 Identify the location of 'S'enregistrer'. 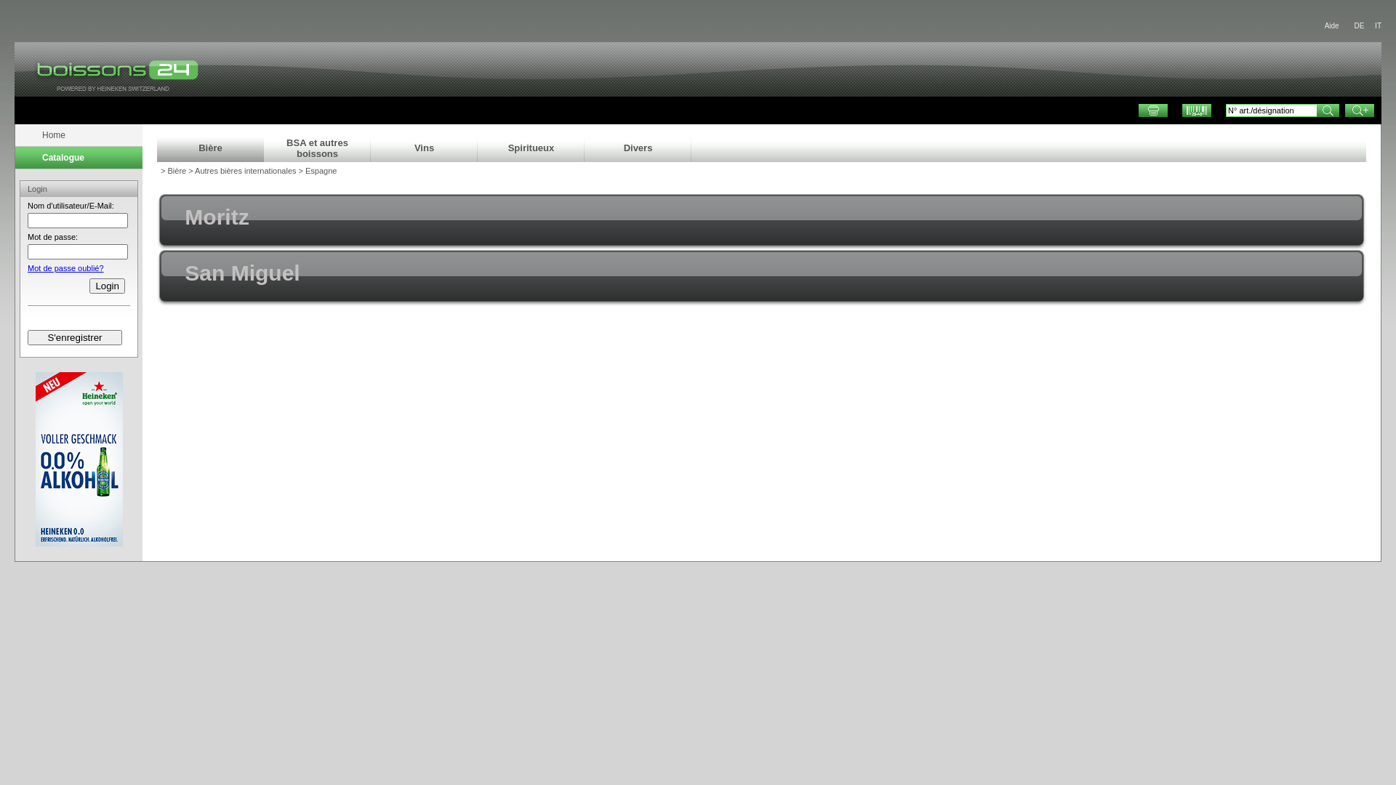
(73, 337).